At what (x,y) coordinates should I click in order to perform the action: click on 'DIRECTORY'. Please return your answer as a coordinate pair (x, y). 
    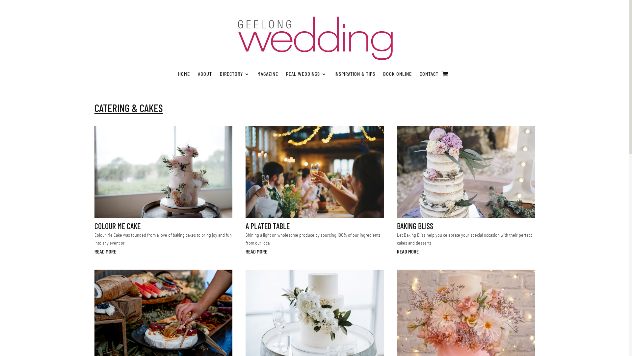
    Looking at the image, I should click on (235, 74).